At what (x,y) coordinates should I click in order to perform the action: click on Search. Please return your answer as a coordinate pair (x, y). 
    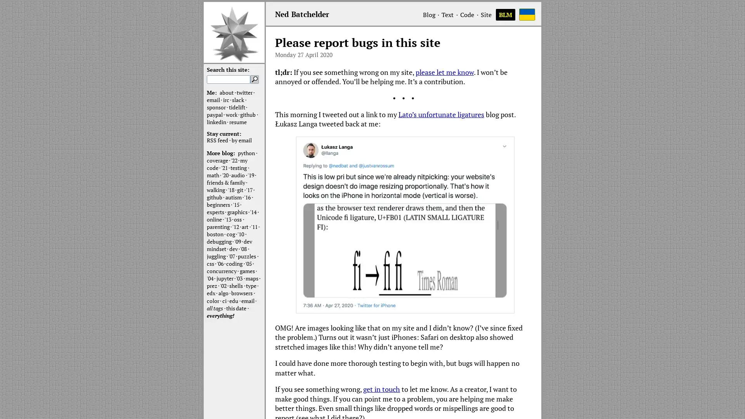
    Looking at the image, I should click on (255, 79).